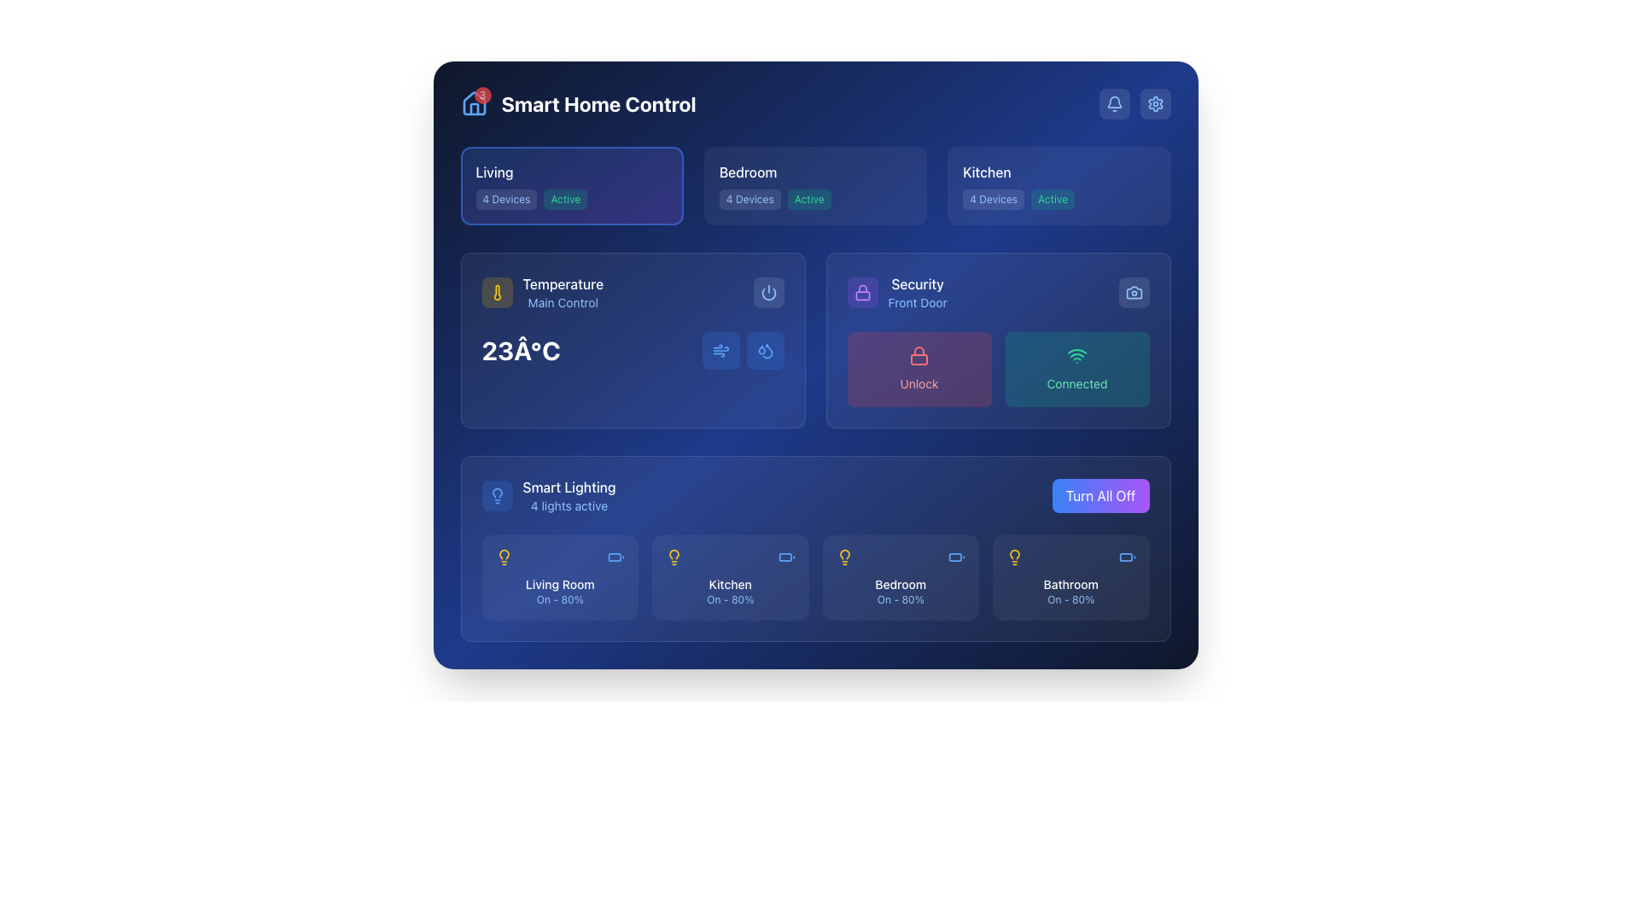 This screenshot has width=1639, height=922. What do you see at coordinates (814, 186) in the screenshot?
I see `the interactive card representing the 'Bedroom' area in the smart home interface` at bounding box center [814, 186].